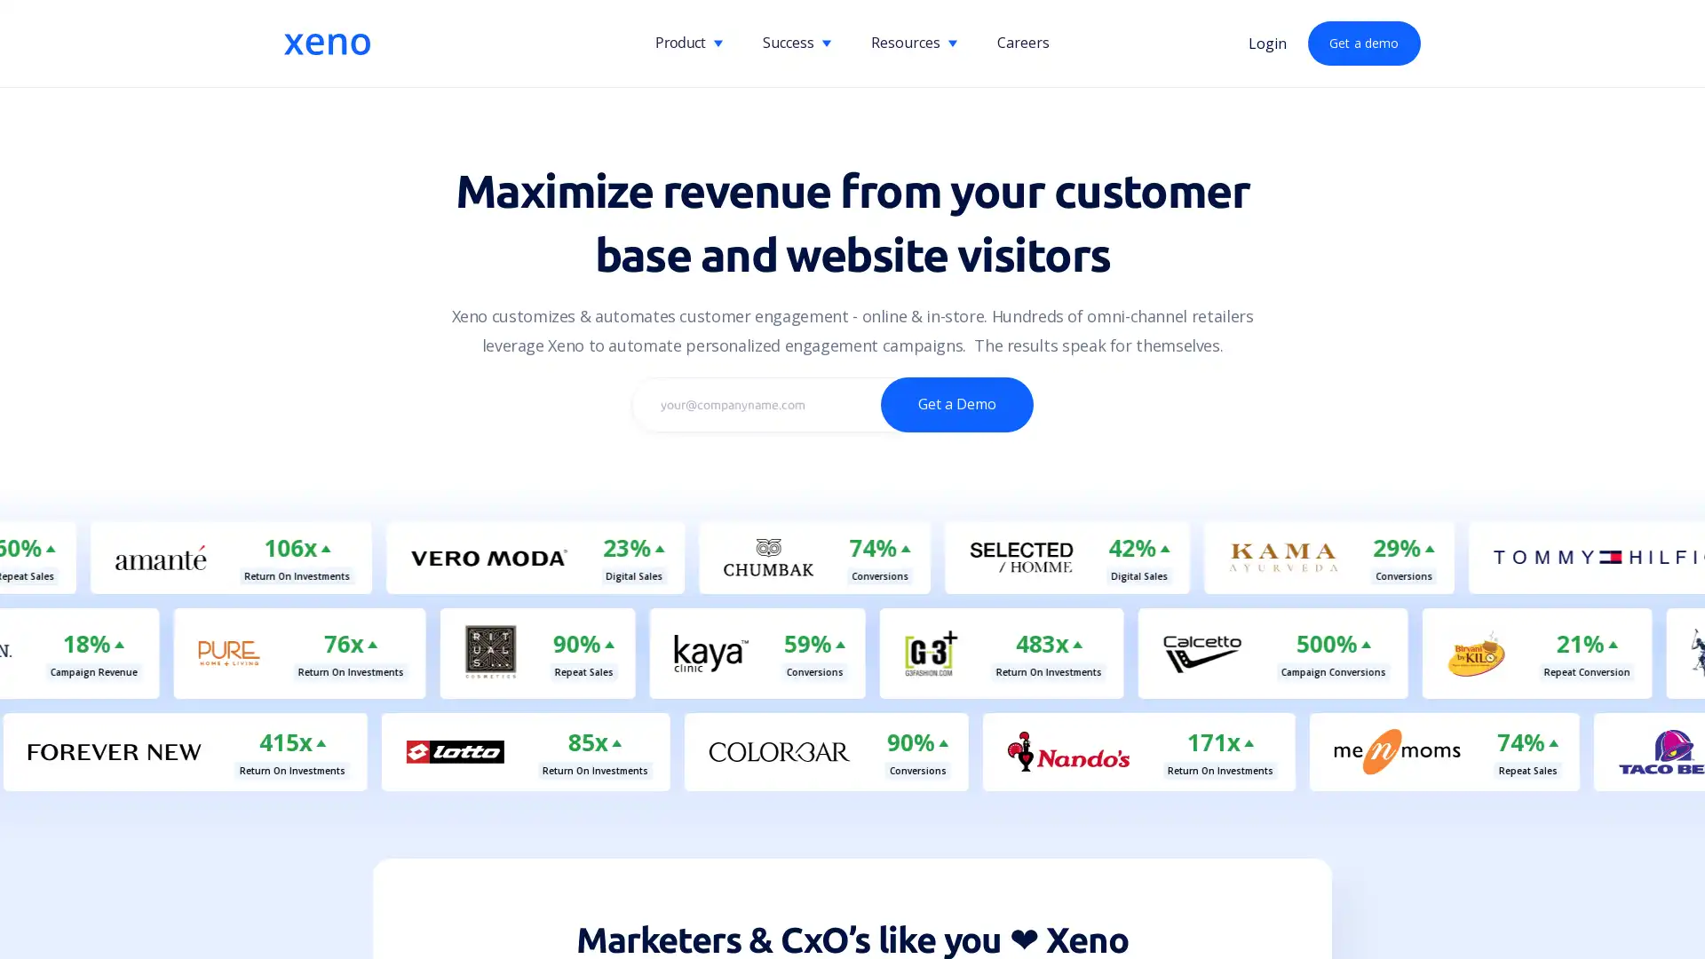  What do you see at coordinates (956, 404) in the screenshot?
I see `Get a Demo` at bounding box center [956, 404].